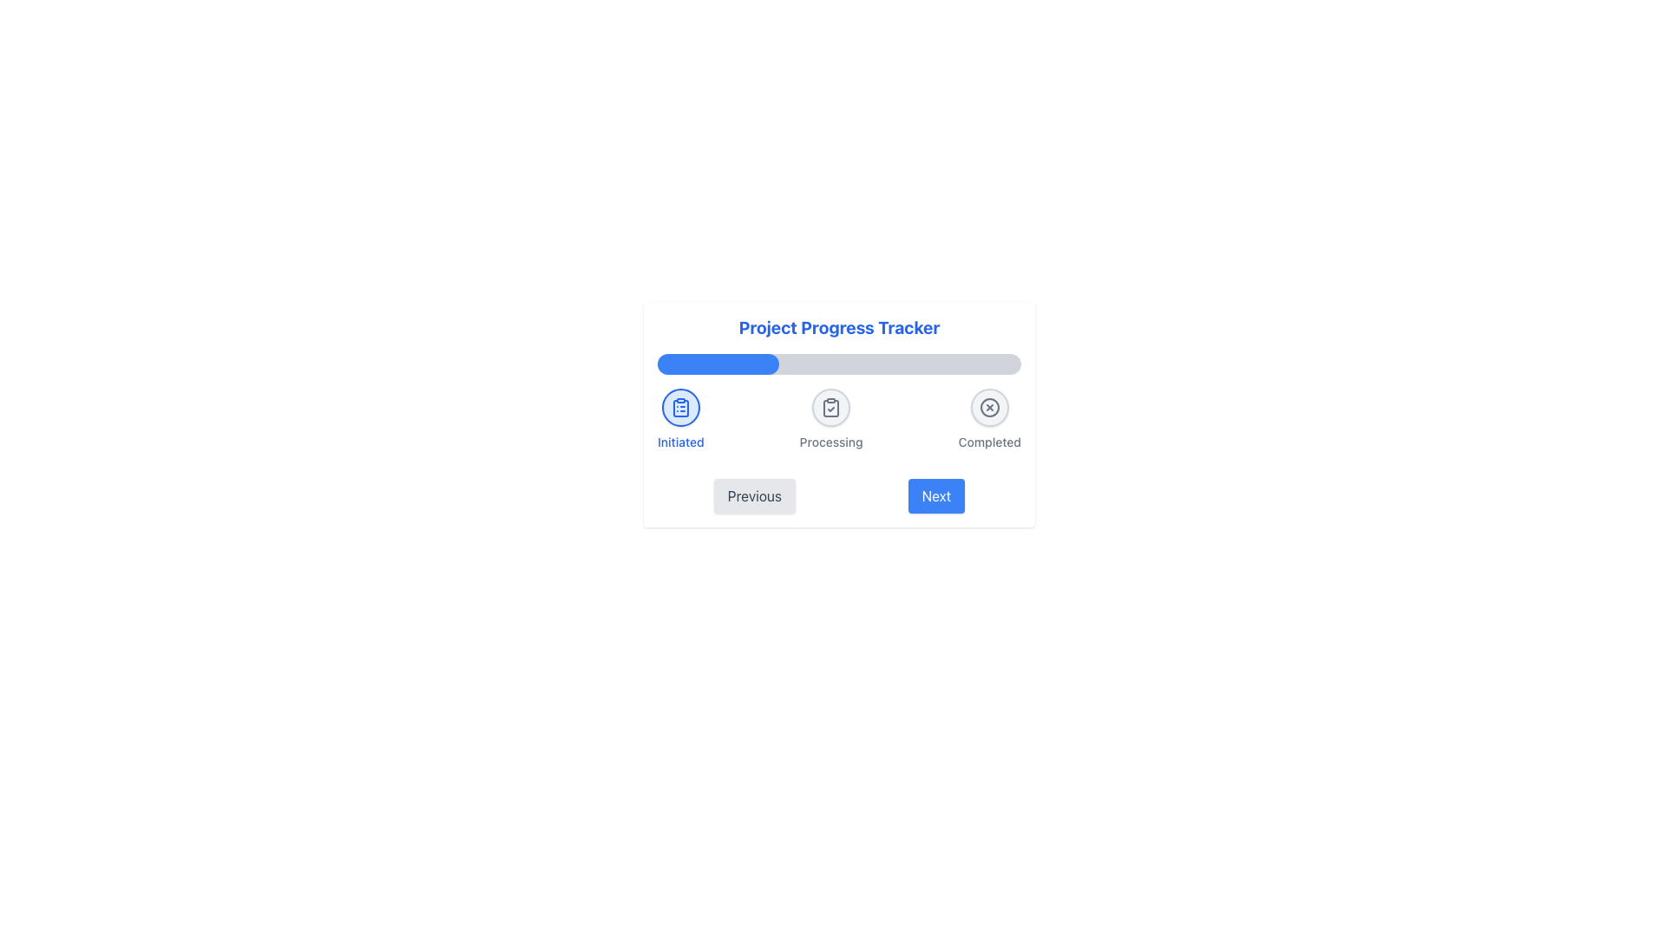  What do you see at coordinates (989, 441) in the screenshot?
I see `the 'Completed' text label that describes the current stage in the progress tracker to potentially reveal additional information` at bounding box center [989, 441].